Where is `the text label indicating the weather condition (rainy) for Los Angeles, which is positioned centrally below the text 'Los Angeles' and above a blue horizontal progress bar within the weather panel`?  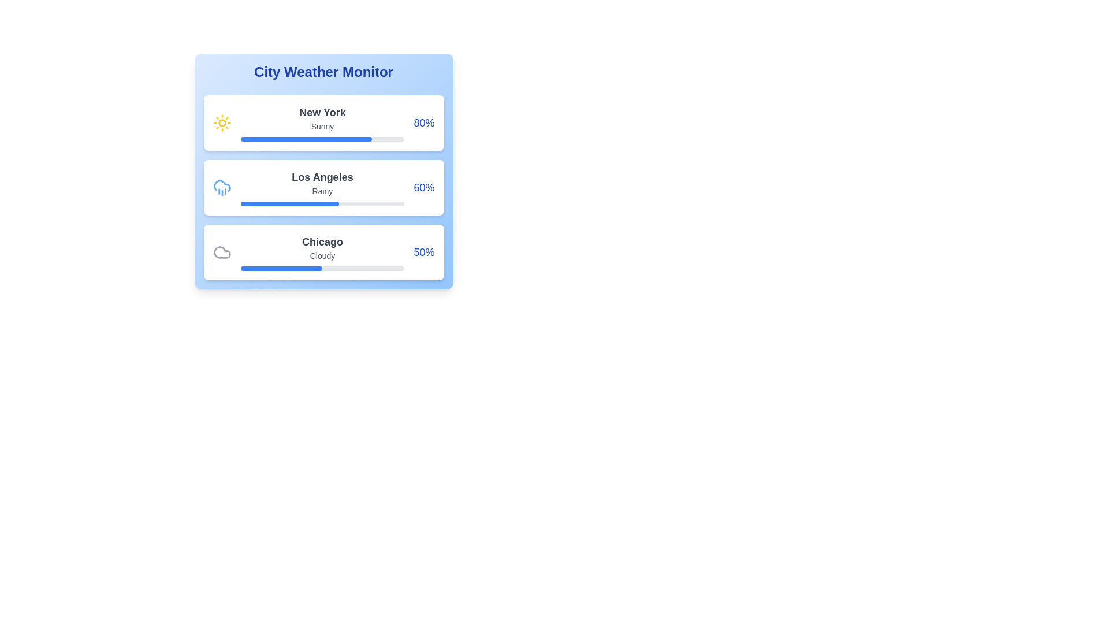
the text label indicating the weather condition (rainy) for Los Angeles, which is positioned centrally below the text 'Los Angeles' and above a blue horizontal progress bar within the weather panel is located at coordinates (322, 191).